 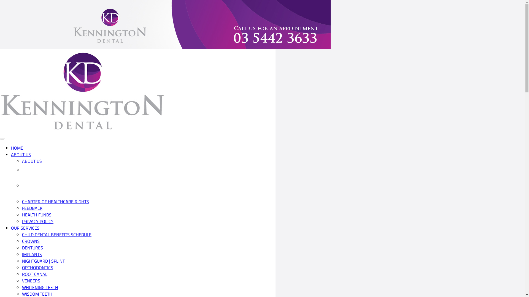 I want to click on 'ABOUT US', so click(x=31, y=161).